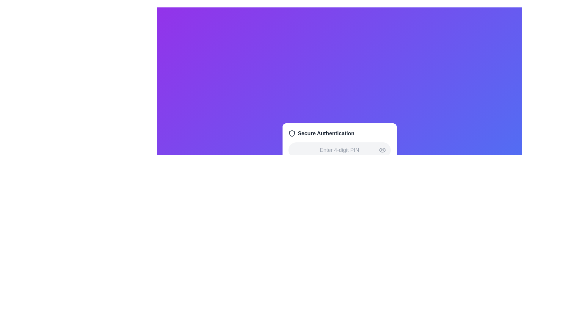 Image resolution: width=571 pixels, height=321 pixels. What do you see at coordinates (382, 150) in the screenshot?
I see `the curved line of the eye icon which indicates view or display functionalities, located towards the bottom-left of the surrounding rectangular area` at bounding box center [382, 150].